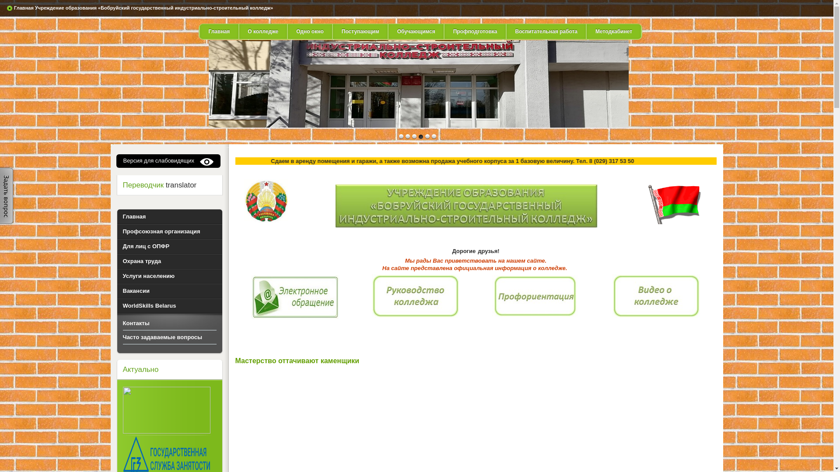 The height and width of the screenshot is (472, 840). I want to click on '4', so click(427, 136).